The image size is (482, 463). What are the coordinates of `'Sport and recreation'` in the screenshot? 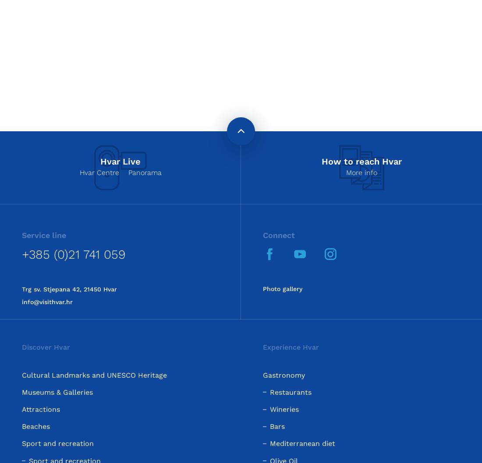 It's located at (58, 443).